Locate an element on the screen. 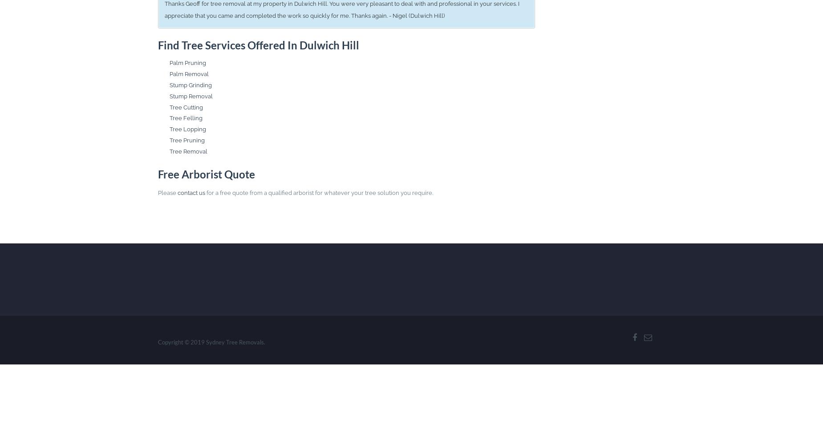 The image size is (823, 445). 'Thanks Geoff for tree removal at my property in Dulwich Hill. You were very pleasant to deal with and professional in your services. I appreciate that you came and completed the work so quickly for me. Thanks again. - Nigel (Dulwich Hill)' is located at coordinates (341, 10).